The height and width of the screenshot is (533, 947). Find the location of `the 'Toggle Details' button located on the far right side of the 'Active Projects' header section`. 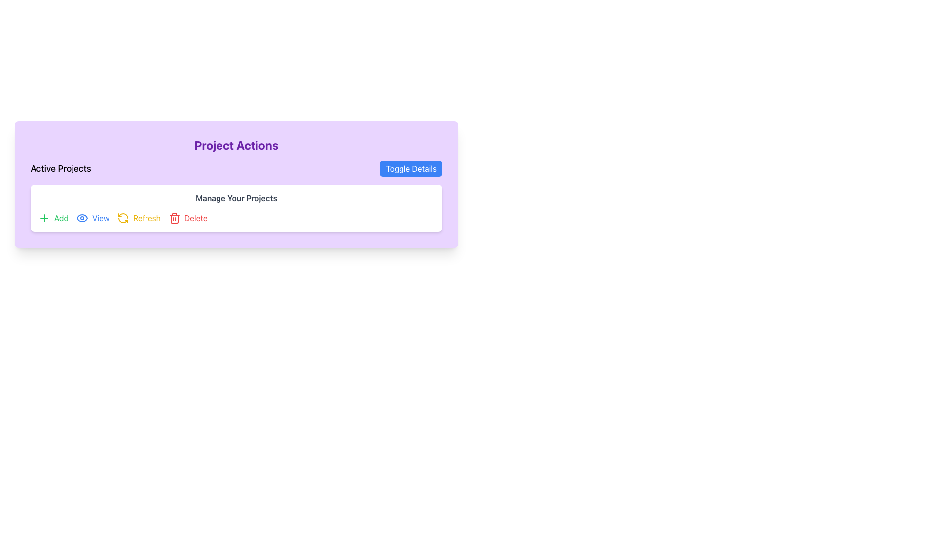

the 'Toggle Details' button located on the far right side of the 'Active Projects' header section is located at coordinates (411, 168).